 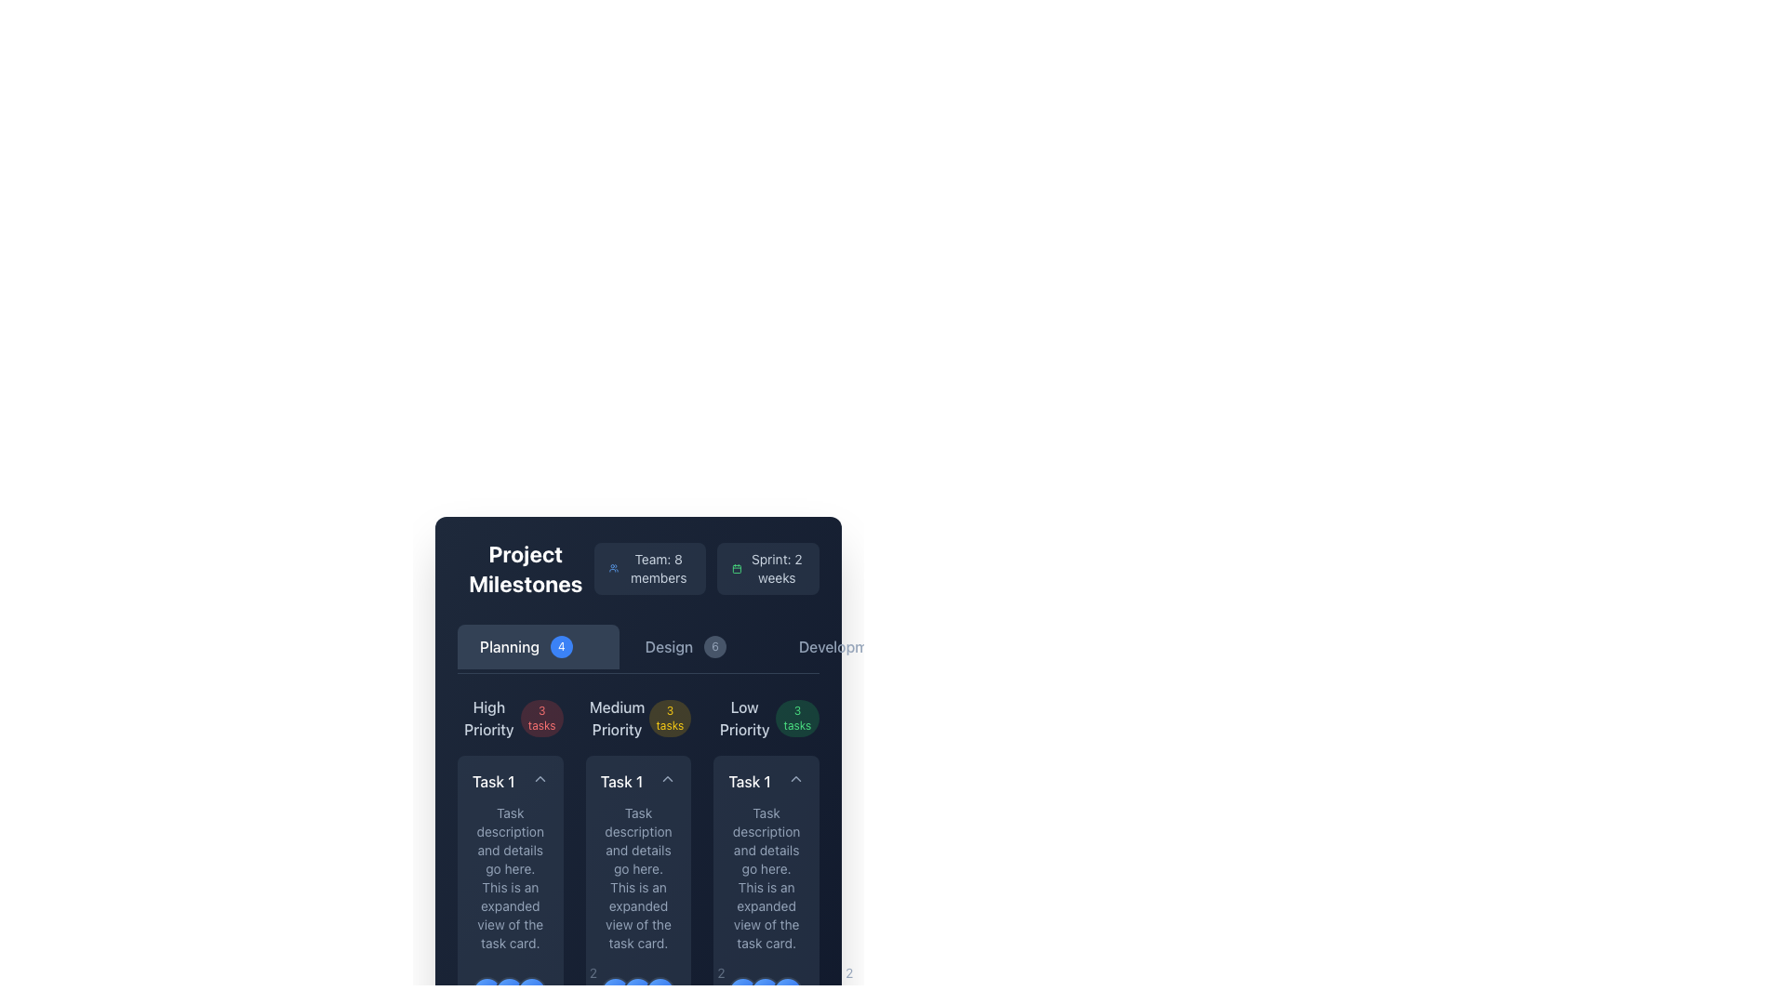 I want to click on the 'Design' tab button with the numeric badge '6', so click(x=697, y=645).